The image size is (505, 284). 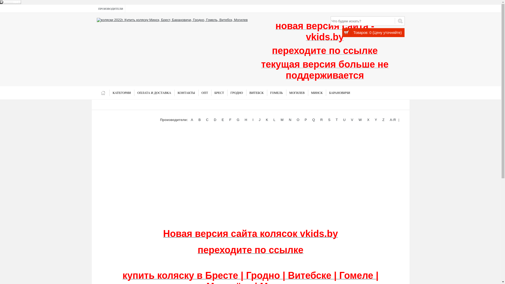 What do you see at coordinates (257, 120) in the screenshot?
I see `'J'` at bounding box center [257, 120].